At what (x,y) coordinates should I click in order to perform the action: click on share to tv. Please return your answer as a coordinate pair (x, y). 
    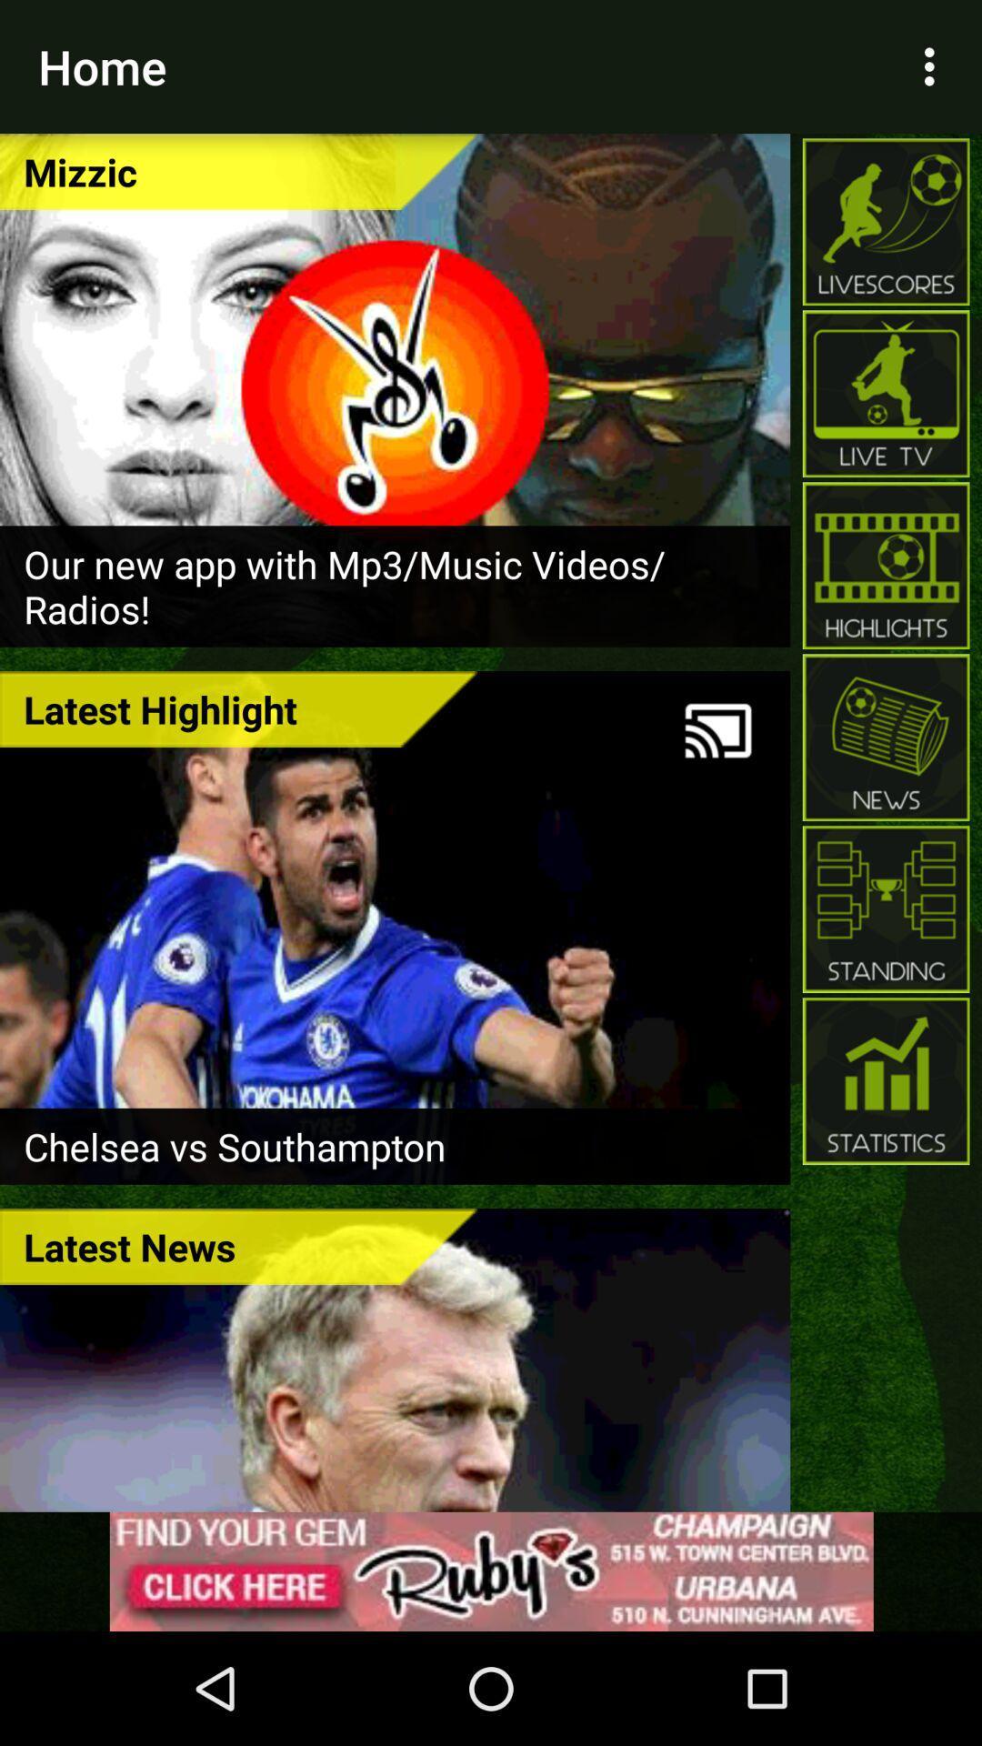
    Looking at the image, I should click on (717, 730).